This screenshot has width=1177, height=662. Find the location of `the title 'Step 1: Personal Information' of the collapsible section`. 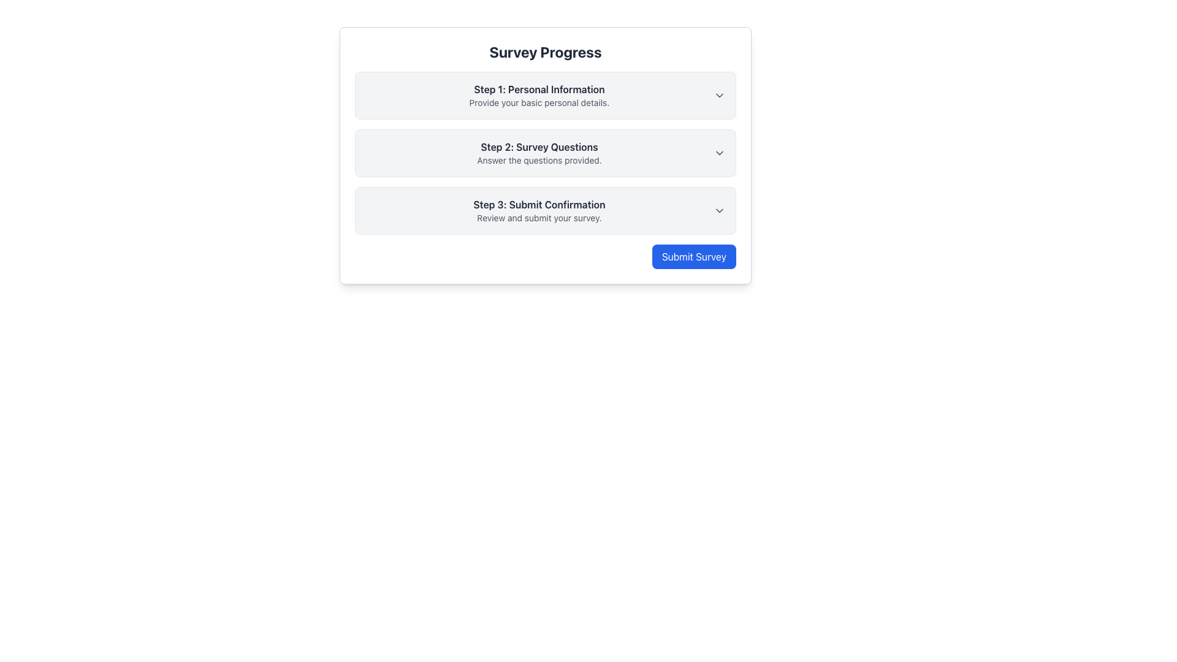

the title 'Step 1: Personal Information' of the collapsible section is located at coordinates (544, 94).